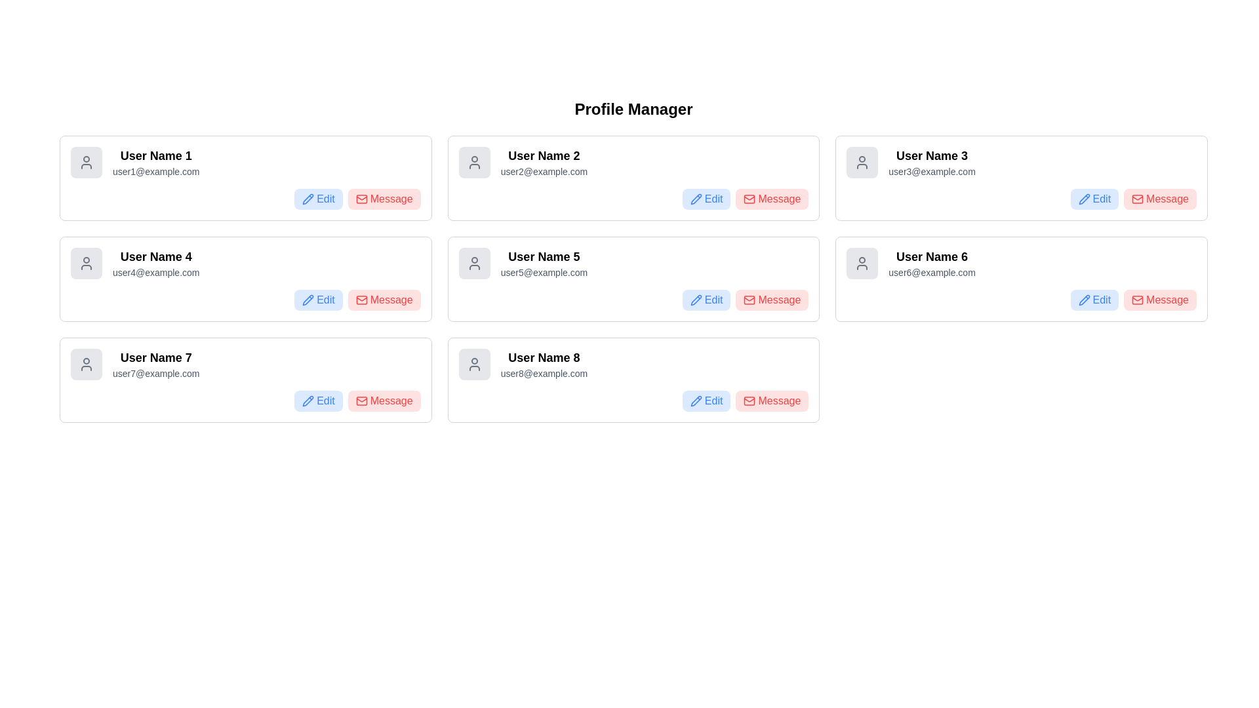 This screenshot has width=1259, height=708. Describe the element at coordinates (1137, 300) in the screenshot. I see `the envelope icon within the 'Message' button located in the bottom-right of the user information card for 'User Name 6'` at that location.